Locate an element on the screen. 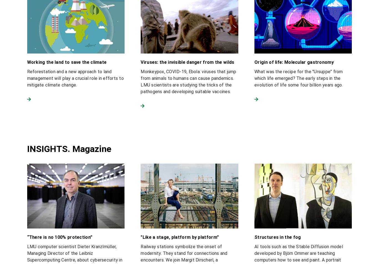  'Reforestation and a new approach to land management will play a crucial role in efforts to mitigate climate change.' is located at coordinates (75, 78).